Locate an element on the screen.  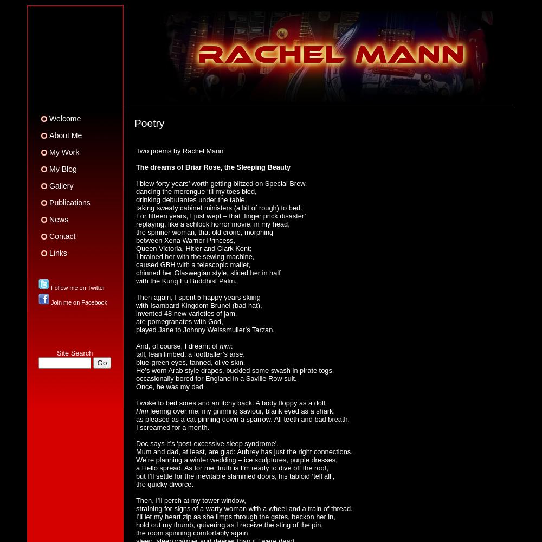
'leering over me: my grinning saviour, blank eyed as a shark,' is located at coordinates (241, 410).